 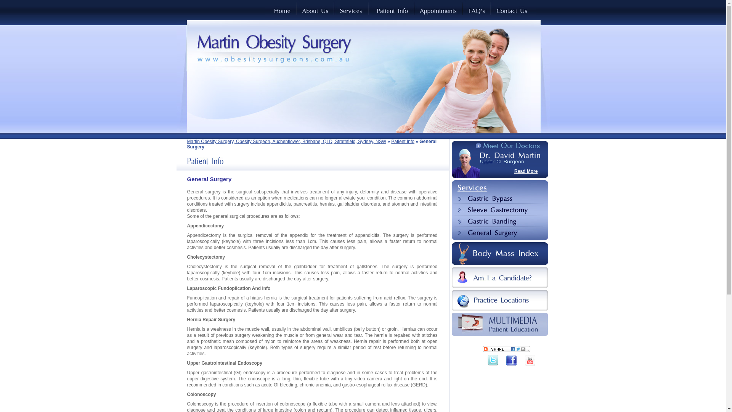 What do you see at coordinates (391, 141) in the screenshot?
I see `'Patient Info'` at bounding box center [391, 141].